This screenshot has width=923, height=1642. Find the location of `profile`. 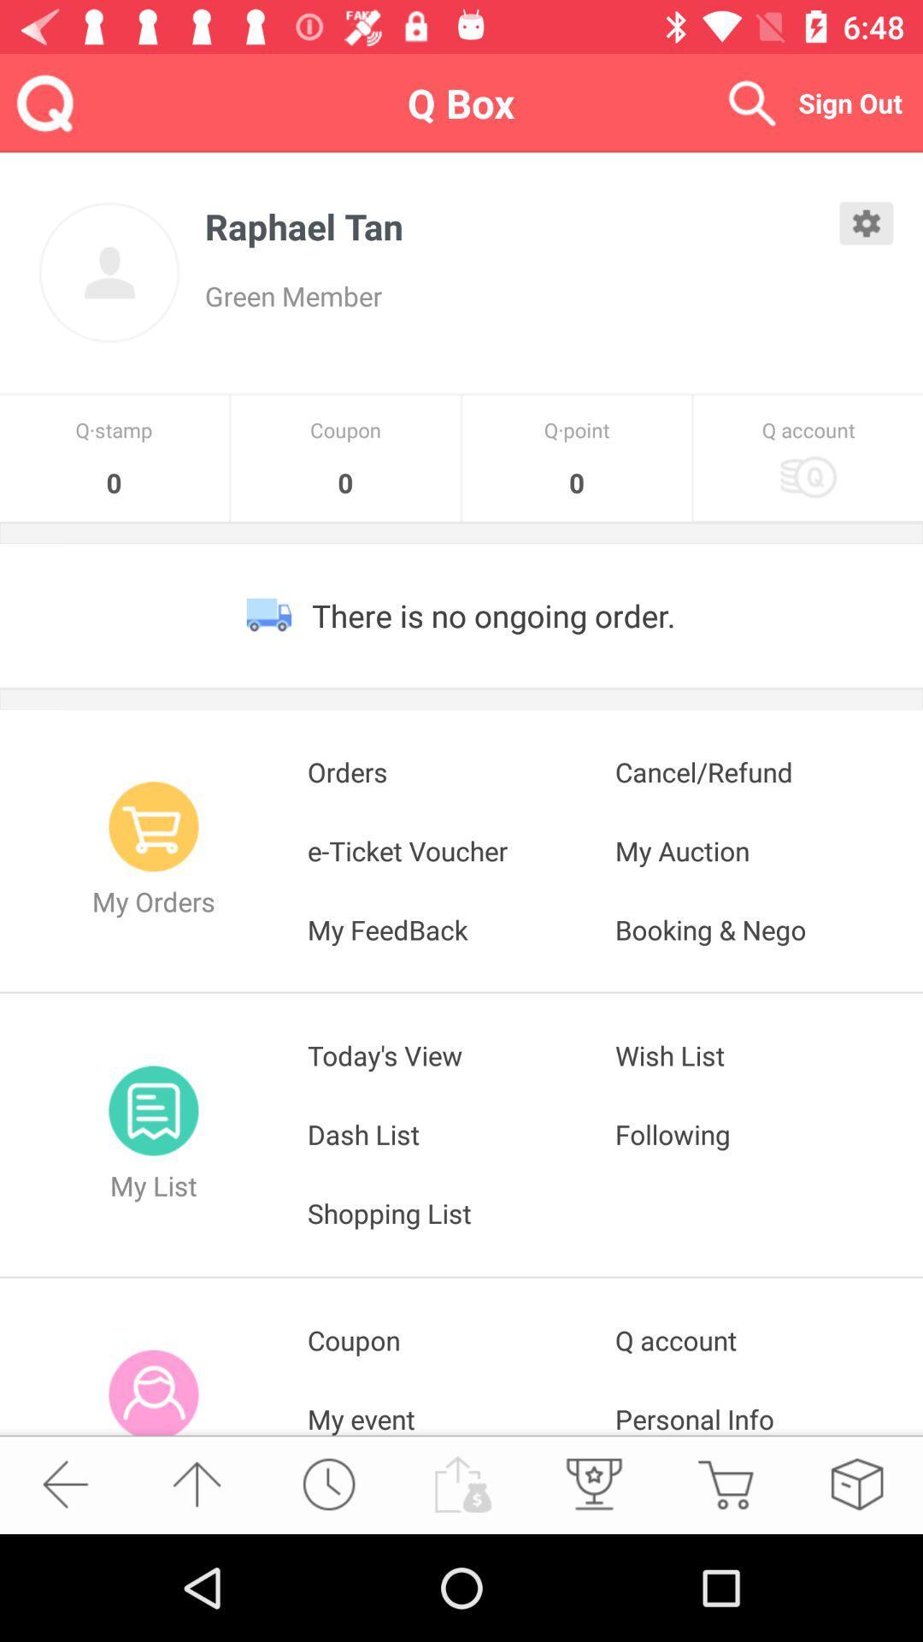

profile is located at coordinates (109, 272).